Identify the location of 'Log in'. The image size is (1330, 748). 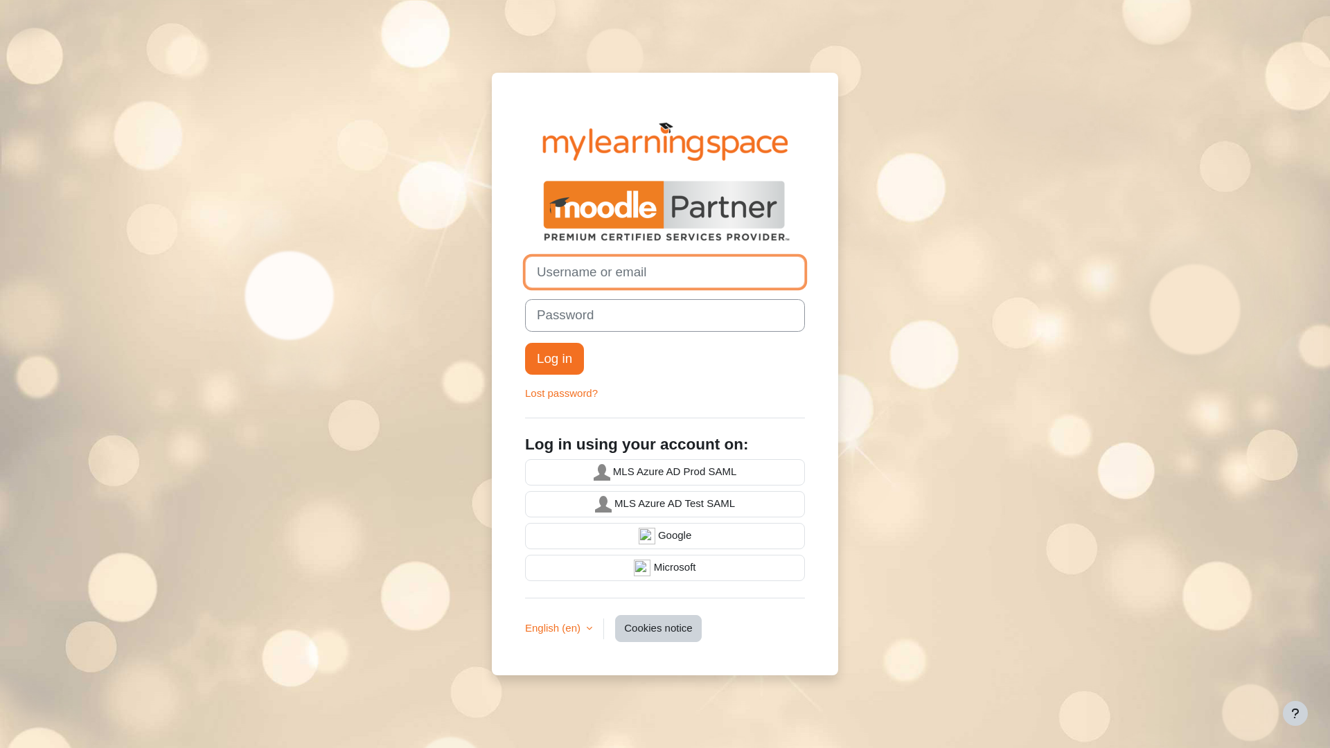
(524, 357).